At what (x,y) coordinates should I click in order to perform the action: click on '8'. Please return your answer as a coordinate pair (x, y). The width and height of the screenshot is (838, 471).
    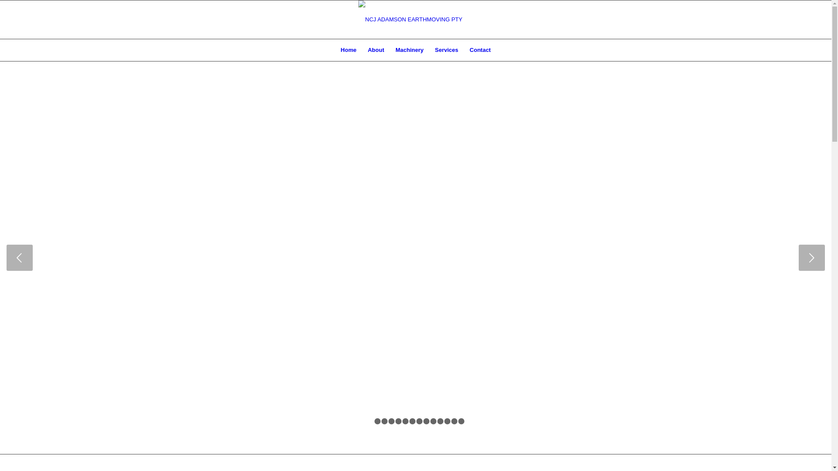
    Looking at the image, I should click on (416, 420).